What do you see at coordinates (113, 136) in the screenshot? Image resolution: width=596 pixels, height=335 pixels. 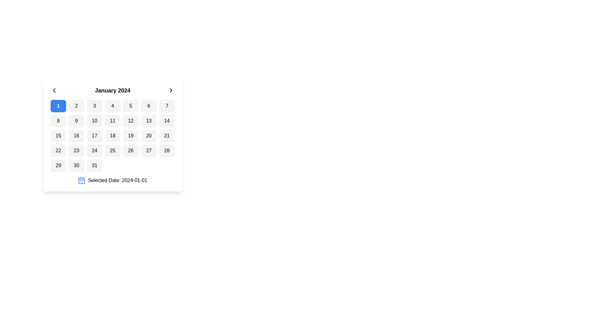 I see `the square button with rounded corners that displays the number '18' in black text, located in the third row and fourth column of the grid calendar` at bounding box center [113, 136].